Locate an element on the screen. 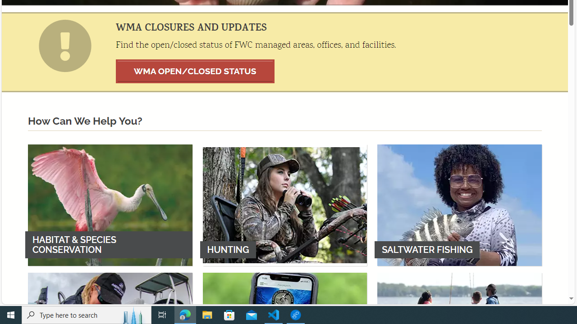 Image resolution: width=577 pixels, height=324 pixels. 'HABITAT & SPECIES CONSERVATION' is located at coordinates (110, 205).